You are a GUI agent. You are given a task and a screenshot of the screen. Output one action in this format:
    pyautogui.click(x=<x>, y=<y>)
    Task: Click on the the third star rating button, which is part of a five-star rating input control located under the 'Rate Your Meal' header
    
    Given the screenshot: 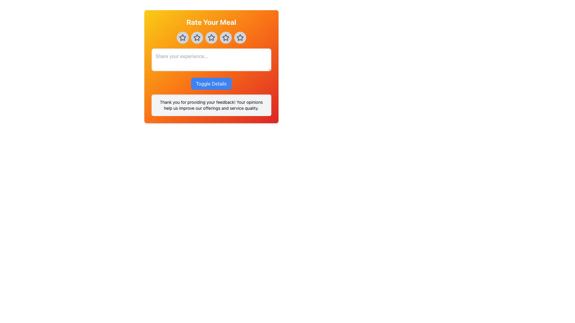 What is the action you would take?
    pyautogui.click(x=197, y=38)
    